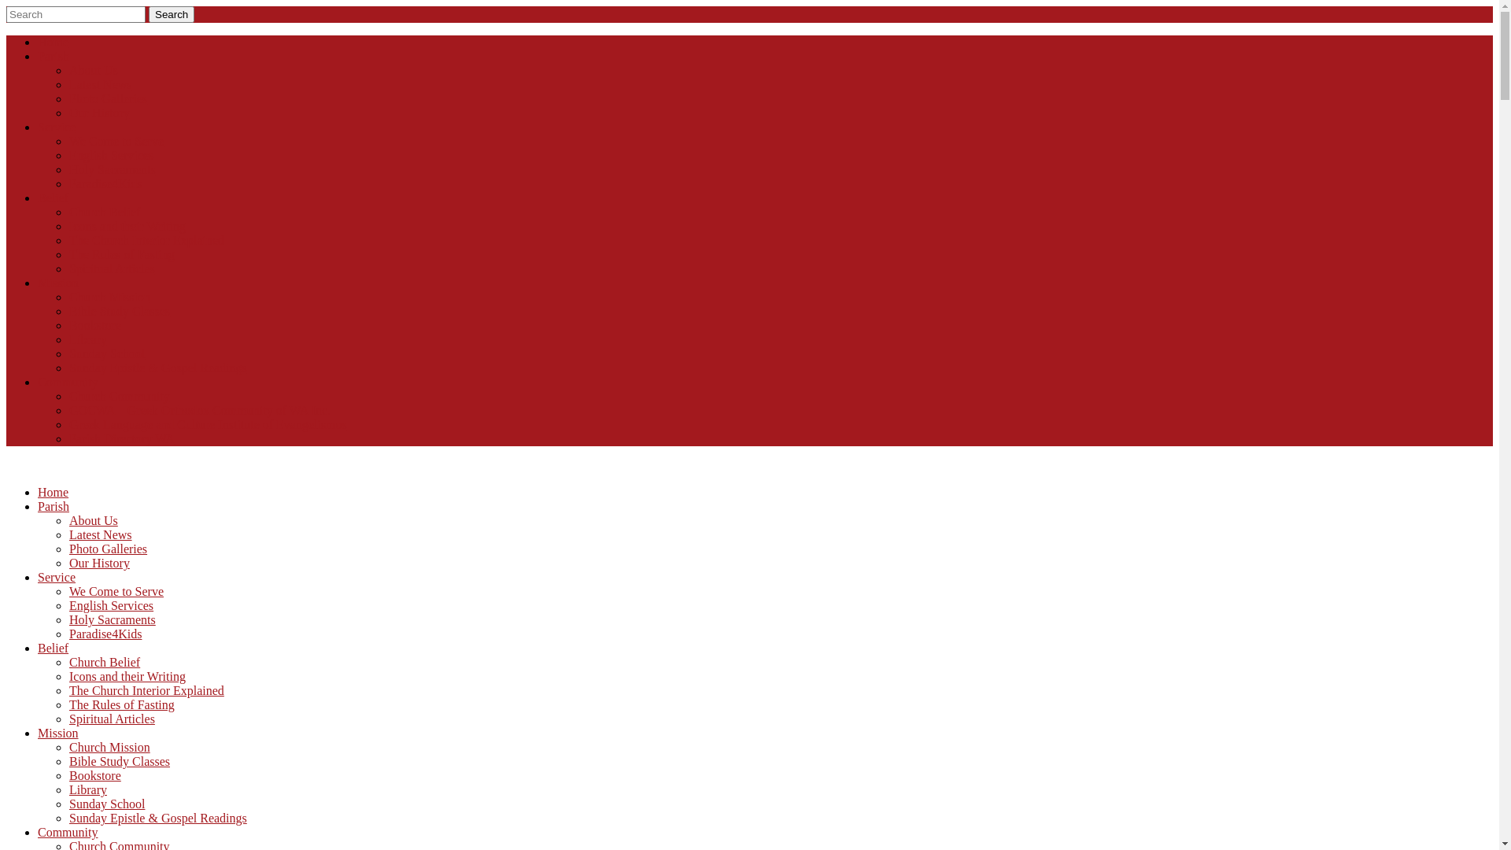  I want to click on 'Bible Study Classes', so click(119, 760).